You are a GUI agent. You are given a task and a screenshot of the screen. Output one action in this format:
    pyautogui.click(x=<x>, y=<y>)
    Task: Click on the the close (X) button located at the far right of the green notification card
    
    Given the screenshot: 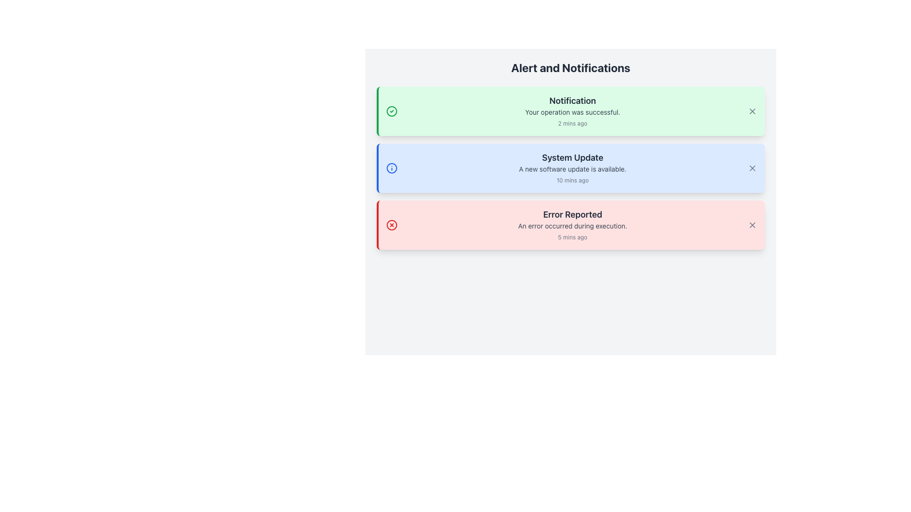 What is the action you would take?
    pyautogui.click(x=752, y=111)
    